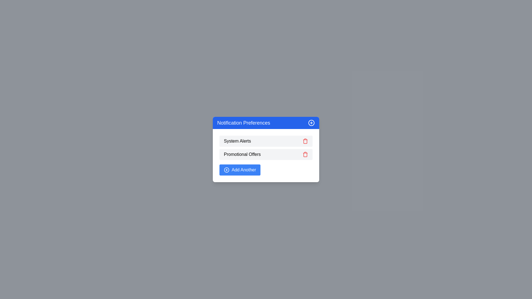 The width and height of the screenshot is (532, 299). What do you see at coordinates (226, 169) in the screenshot?
I see `the 'Add Another' button that includes the circular icon with a white outline and blue fill, located at the bottom of the card interface` at bounding box center [226, 169].